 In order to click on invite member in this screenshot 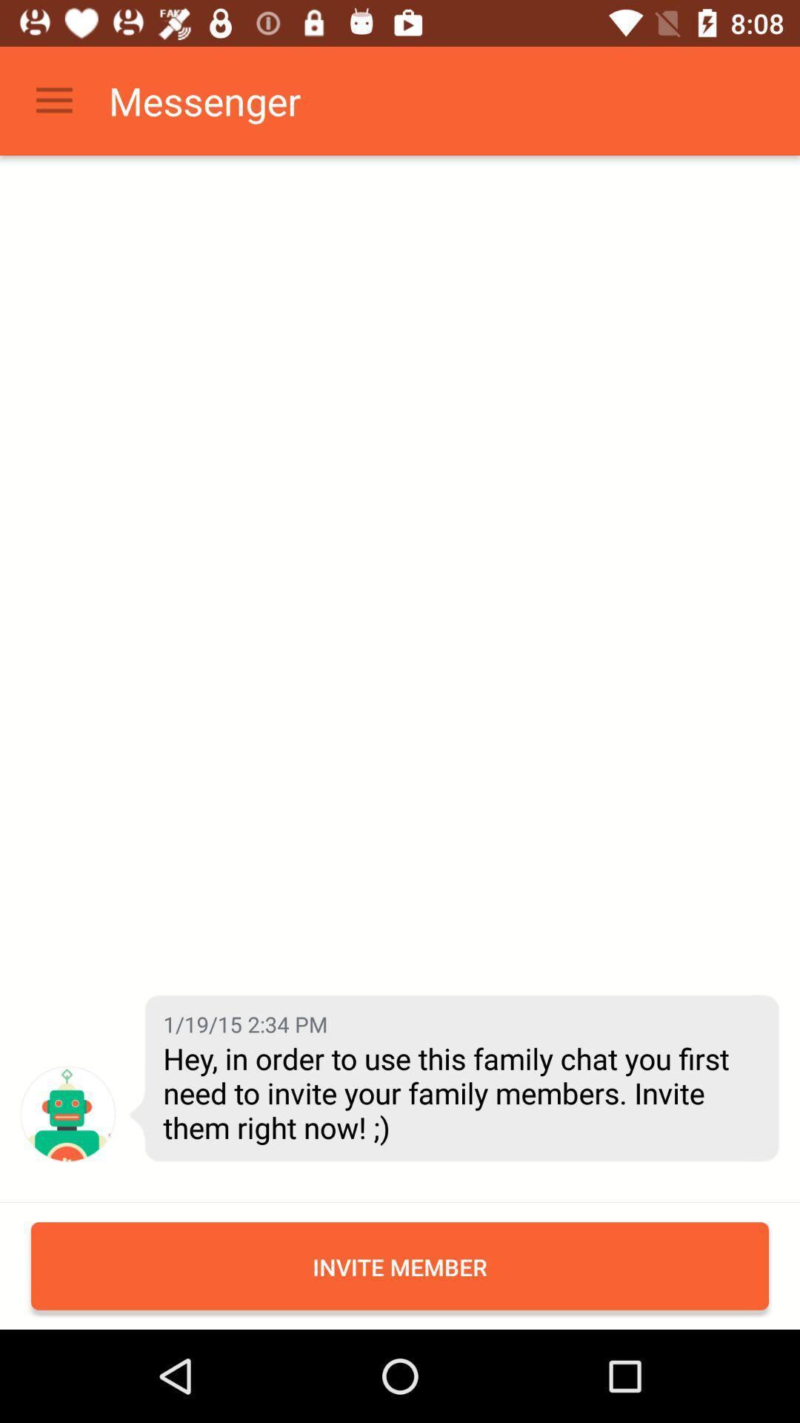, I will do `click(400, 1265)`.